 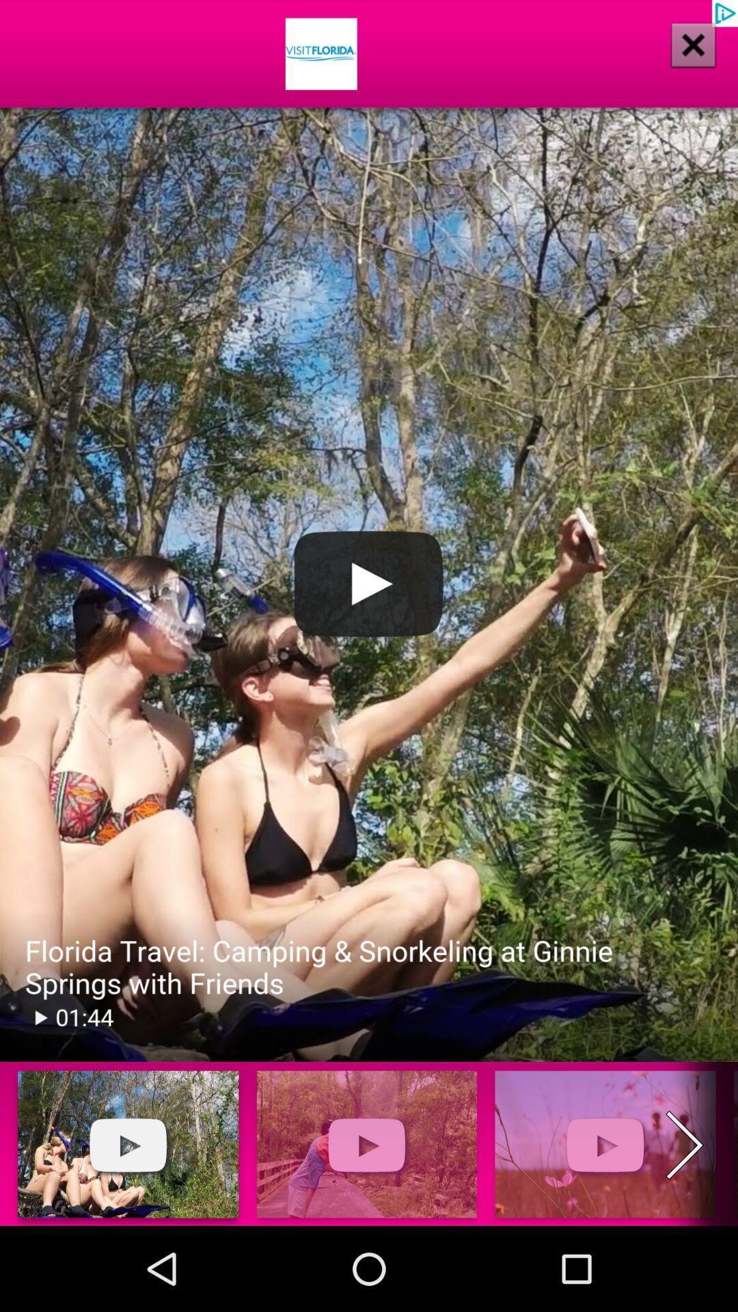 I want to click on the close icon, so click(x=674, y=66).